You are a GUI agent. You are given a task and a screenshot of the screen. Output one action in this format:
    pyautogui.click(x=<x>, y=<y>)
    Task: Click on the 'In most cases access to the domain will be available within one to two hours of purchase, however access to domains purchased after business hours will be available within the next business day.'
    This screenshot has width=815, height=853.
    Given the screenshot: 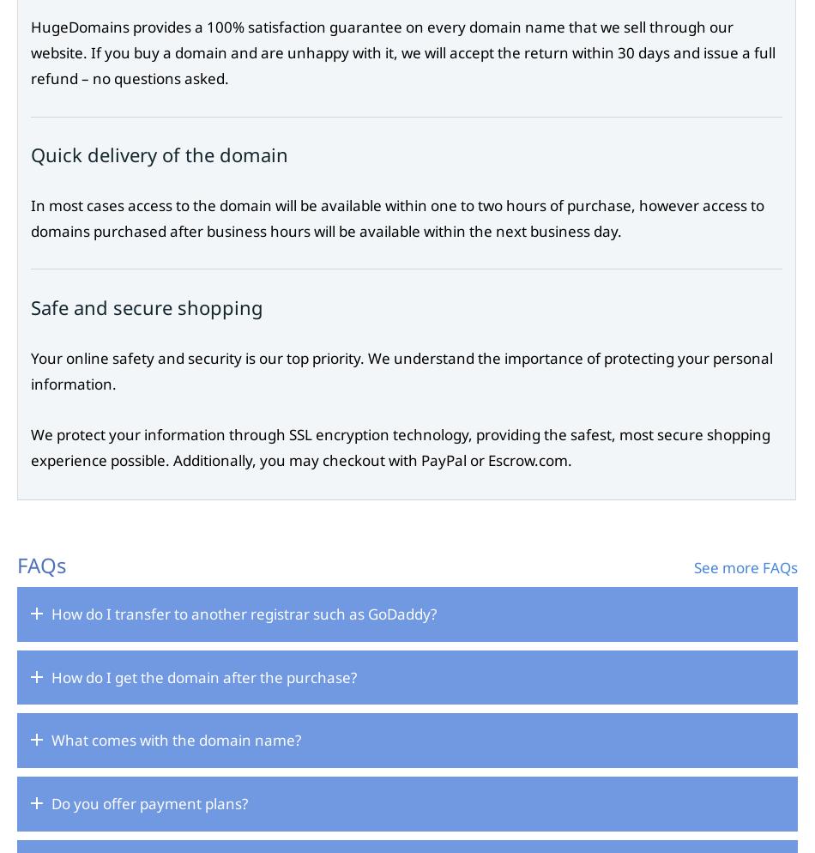 What is the action you would take?
    pyautogui.click(x=396, y=216)
    